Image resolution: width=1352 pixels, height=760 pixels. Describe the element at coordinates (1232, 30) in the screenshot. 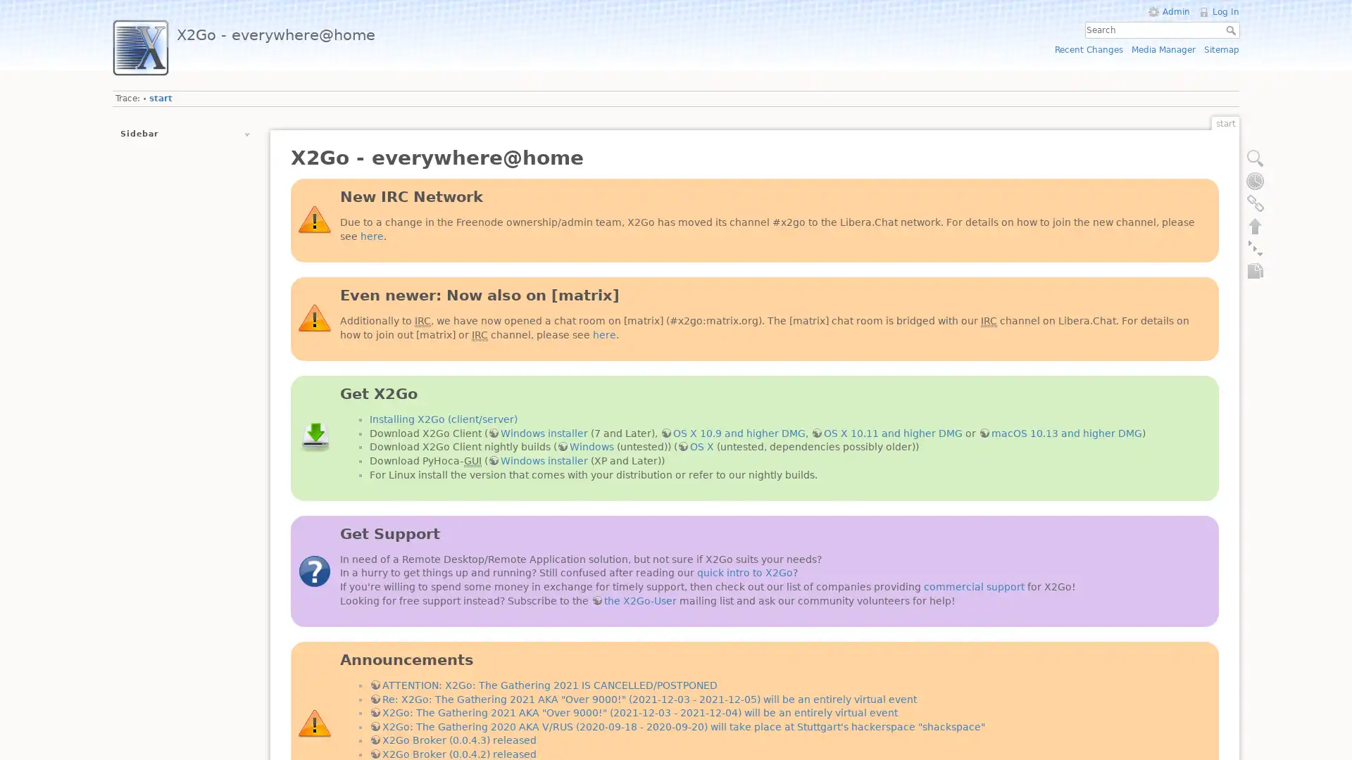

I see `Search` at that location.